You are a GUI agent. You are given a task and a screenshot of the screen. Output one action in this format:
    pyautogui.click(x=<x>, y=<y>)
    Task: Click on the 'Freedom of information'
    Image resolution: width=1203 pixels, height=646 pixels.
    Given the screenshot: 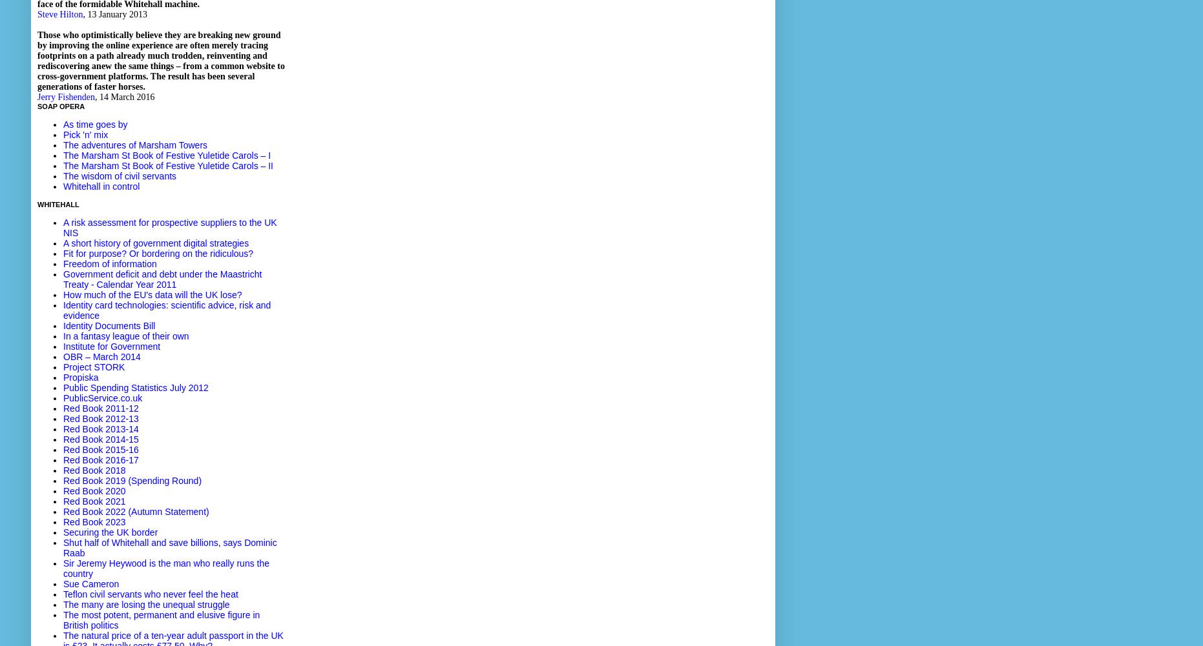 What is the action you would take?
    pyautogui.click(x=63, y=263)
    